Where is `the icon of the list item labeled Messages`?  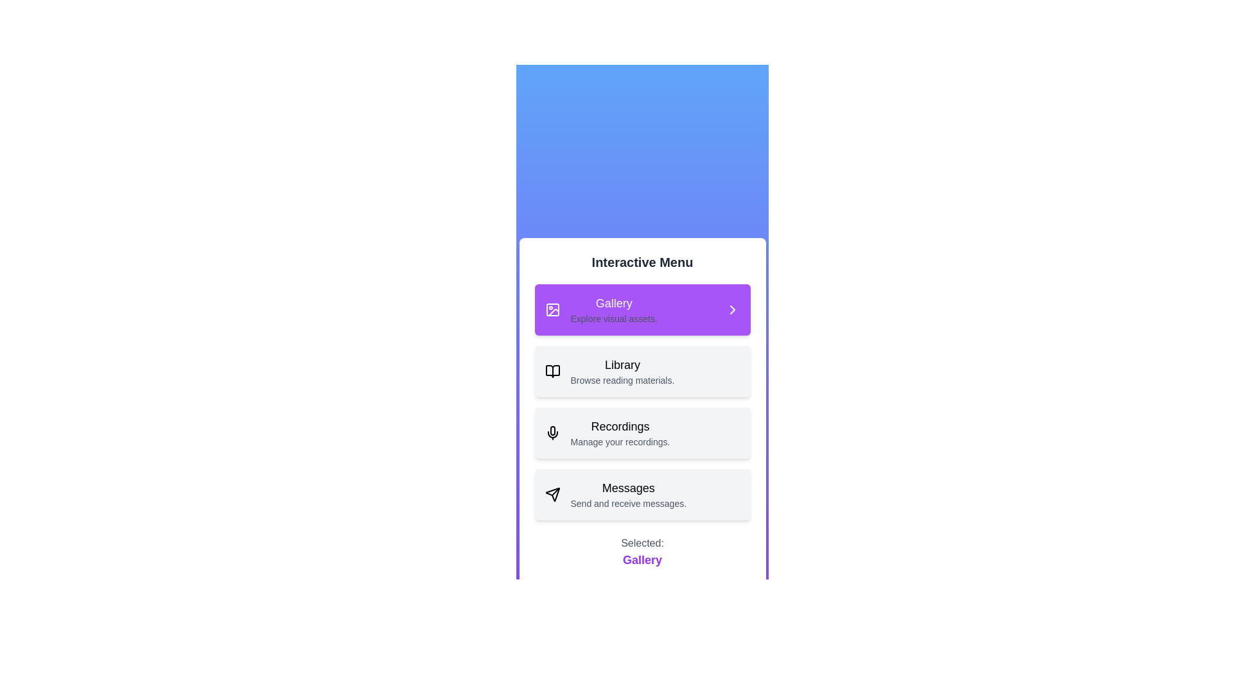
the icon of the list item labeled Messages is located at coordinates (552, 494).